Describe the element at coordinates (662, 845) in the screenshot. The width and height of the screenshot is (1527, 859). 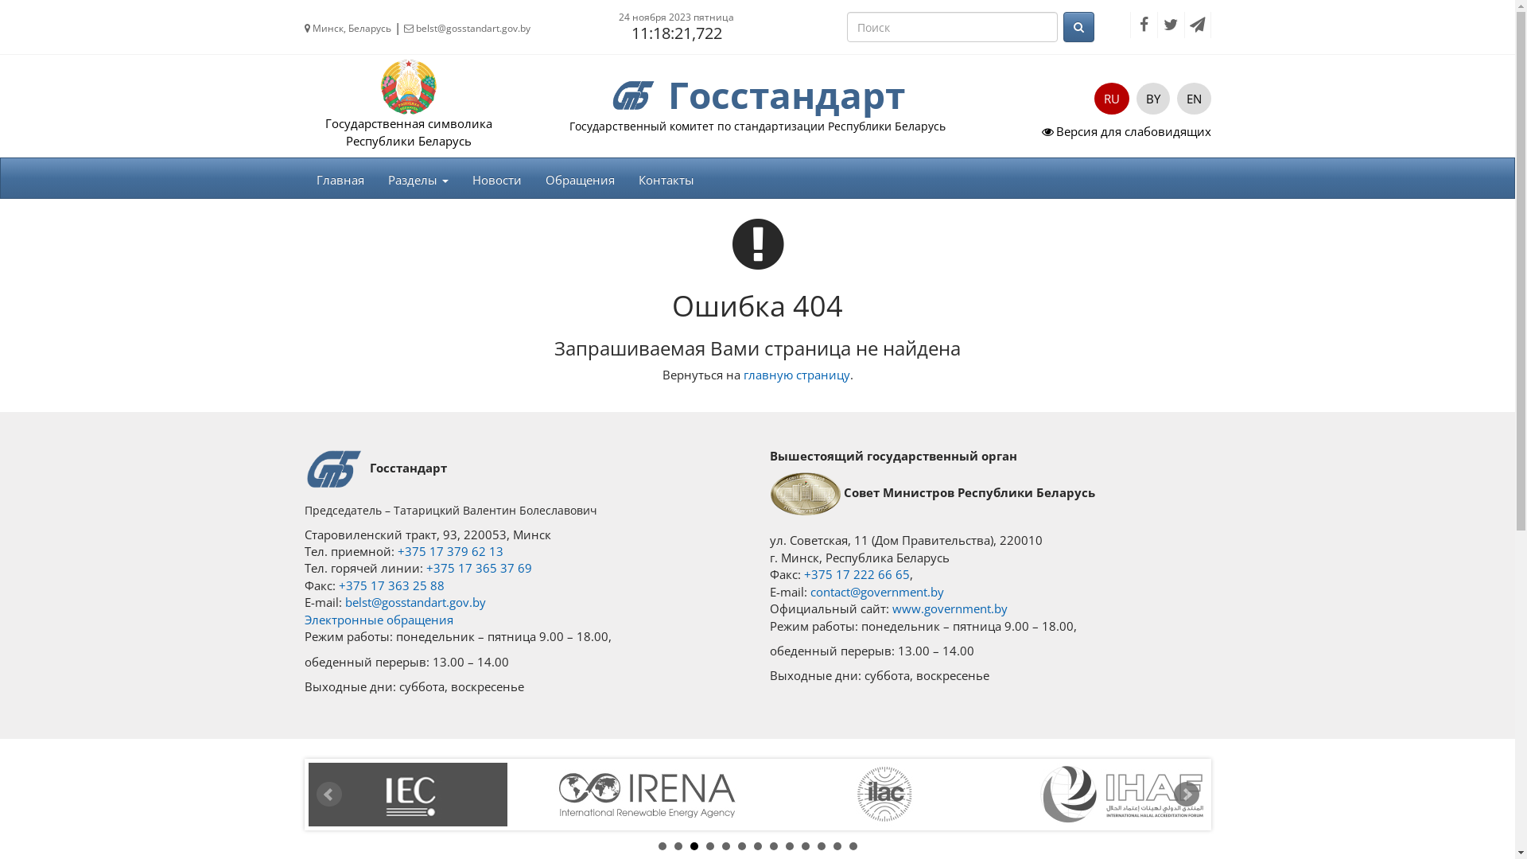
I see `'1'` at that location.